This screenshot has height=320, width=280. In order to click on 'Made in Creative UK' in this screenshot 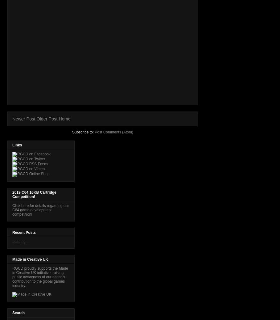, I will do `click(30, 259)`.